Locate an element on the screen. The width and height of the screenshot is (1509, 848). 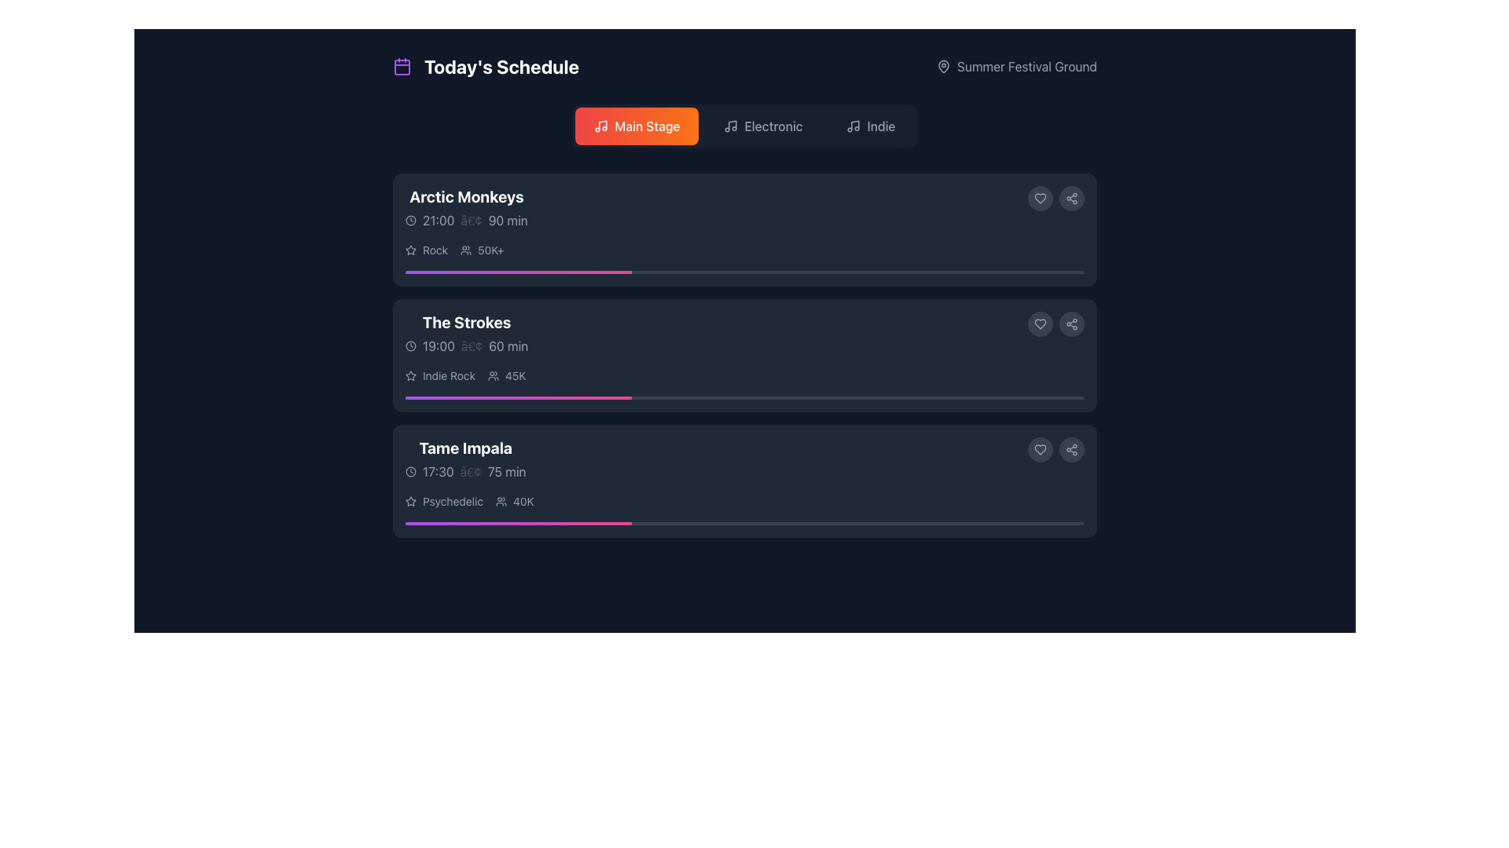
the 'like' button for the 'Tame Impala' schedule item is located at coordinates (1041, 450).